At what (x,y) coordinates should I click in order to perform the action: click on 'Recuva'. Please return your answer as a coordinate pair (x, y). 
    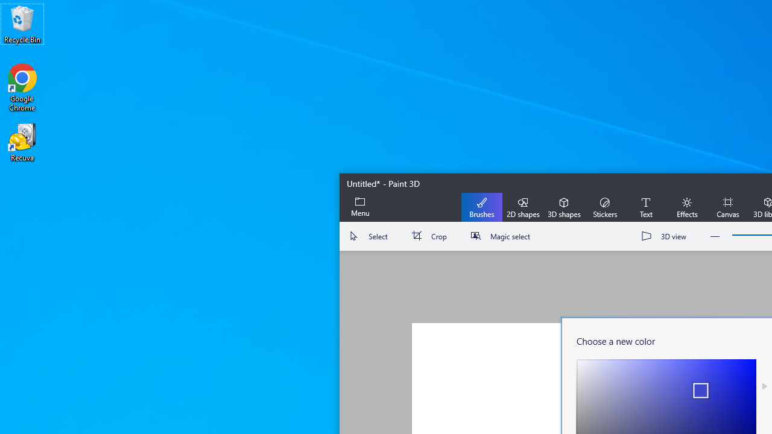
    Looking at the image, I should click on (22, 141).